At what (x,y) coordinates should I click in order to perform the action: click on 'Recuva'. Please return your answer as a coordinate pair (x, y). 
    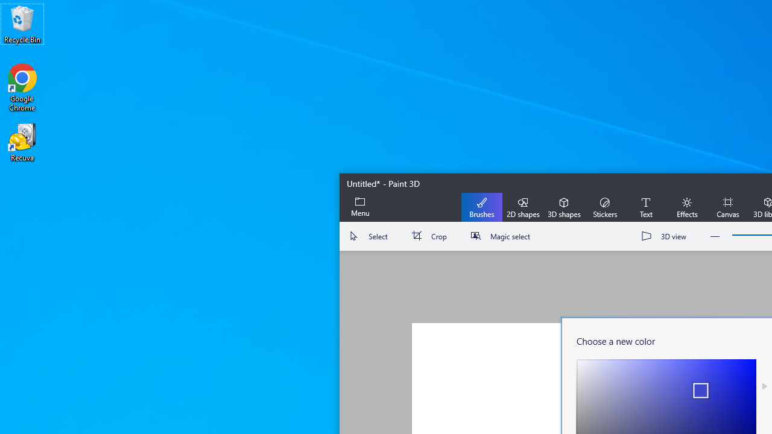
    Looking at the image, I should click on (22, 141).